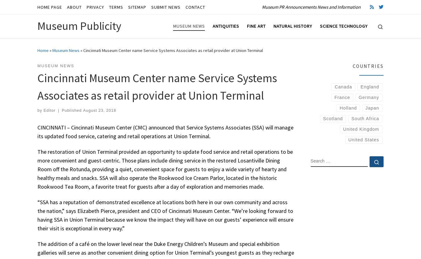  Describe the element at coordinates (343, 86) in the screenshot. I see `'Canada'` at that location.